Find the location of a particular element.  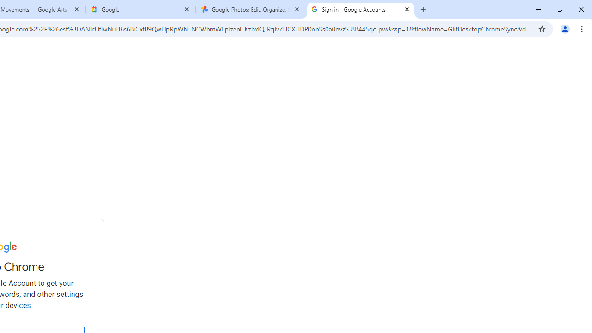

'Google' is located at coordinates (140, 9).